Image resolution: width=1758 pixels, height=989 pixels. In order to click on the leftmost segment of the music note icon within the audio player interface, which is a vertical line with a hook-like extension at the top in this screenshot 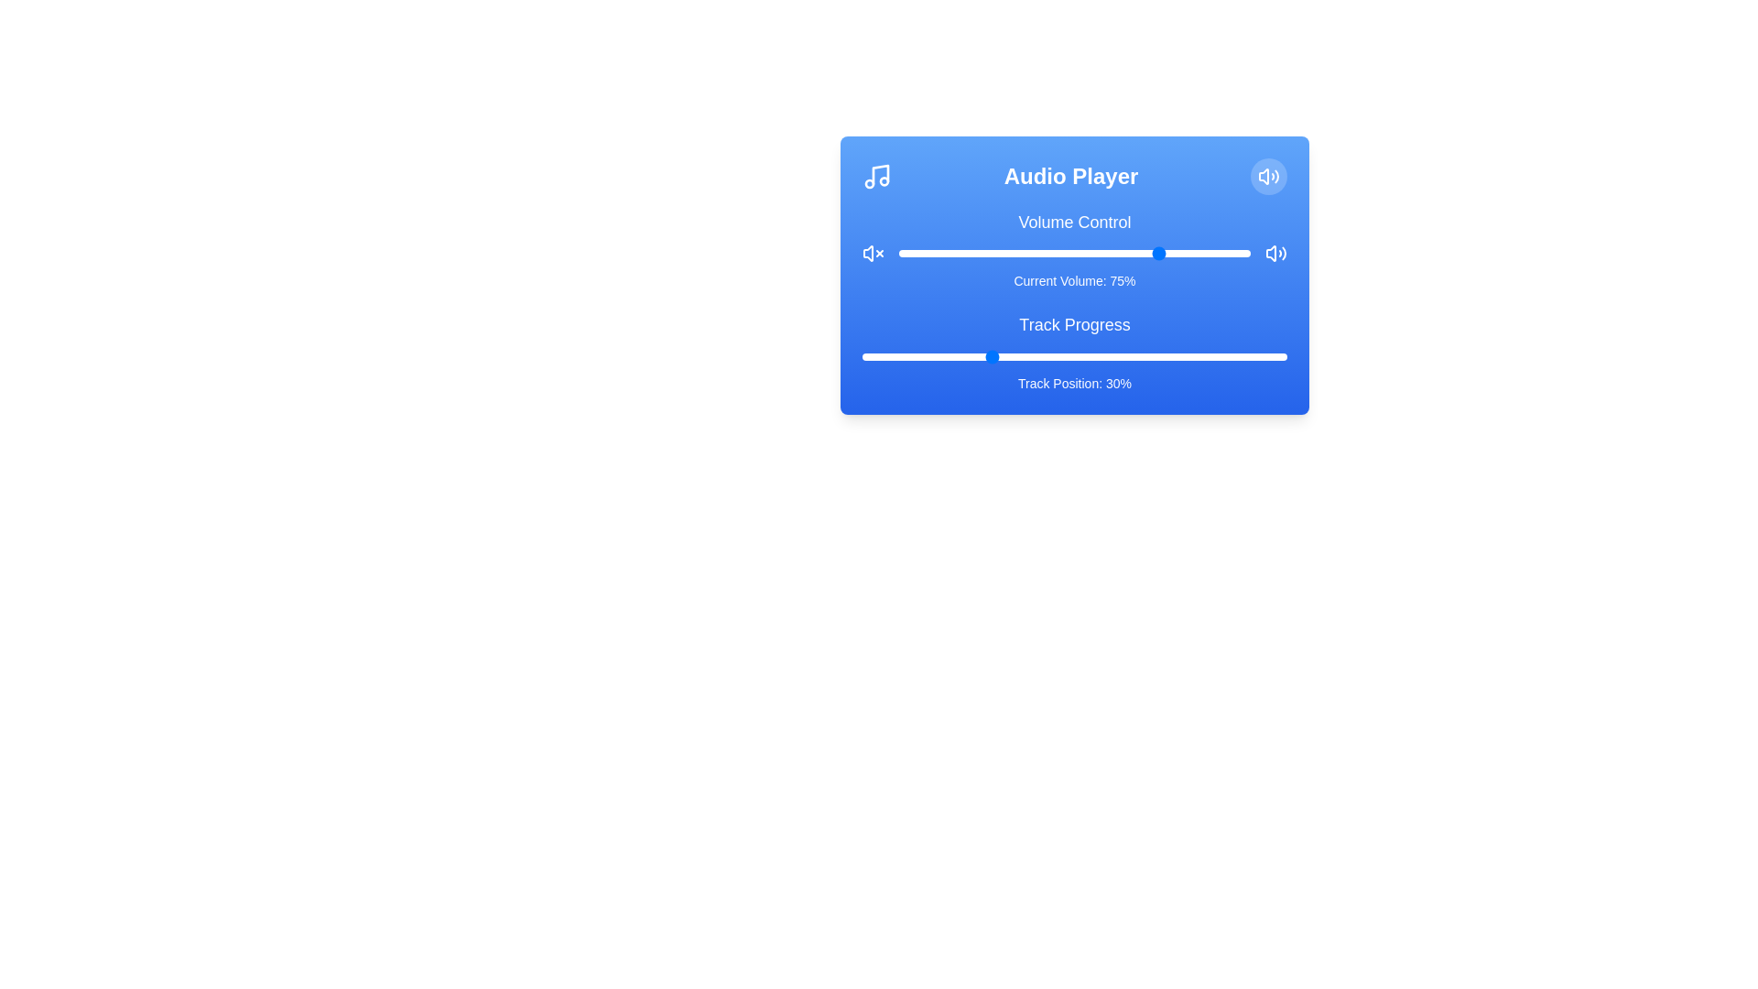, I will do `click(880, 175)`.